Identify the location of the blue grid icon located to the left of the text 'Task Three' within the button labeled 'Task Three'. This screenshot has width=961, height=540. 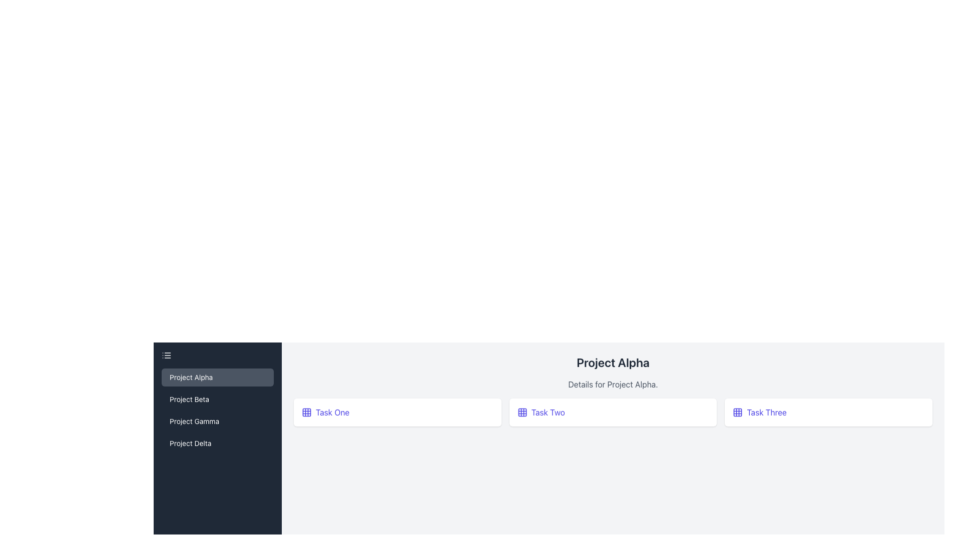
(737, 412).